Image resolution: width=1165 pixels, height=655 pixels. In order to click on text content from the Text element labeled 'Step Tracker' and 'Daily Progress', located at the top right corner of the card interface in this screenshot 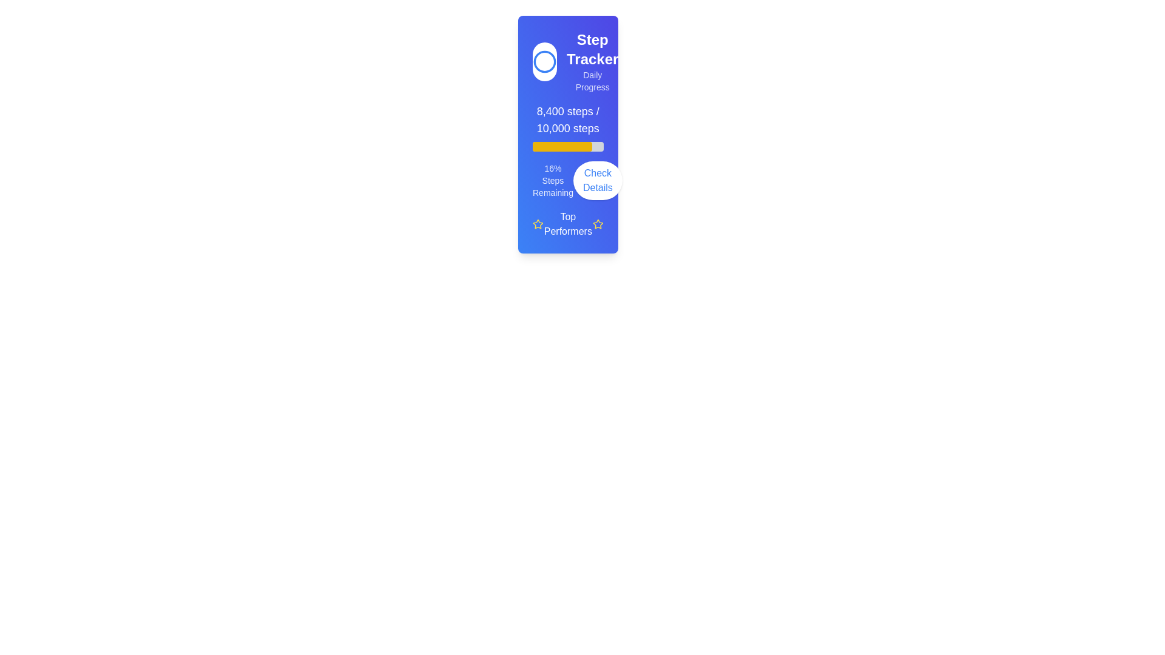, I will do `click(592, 61)`.